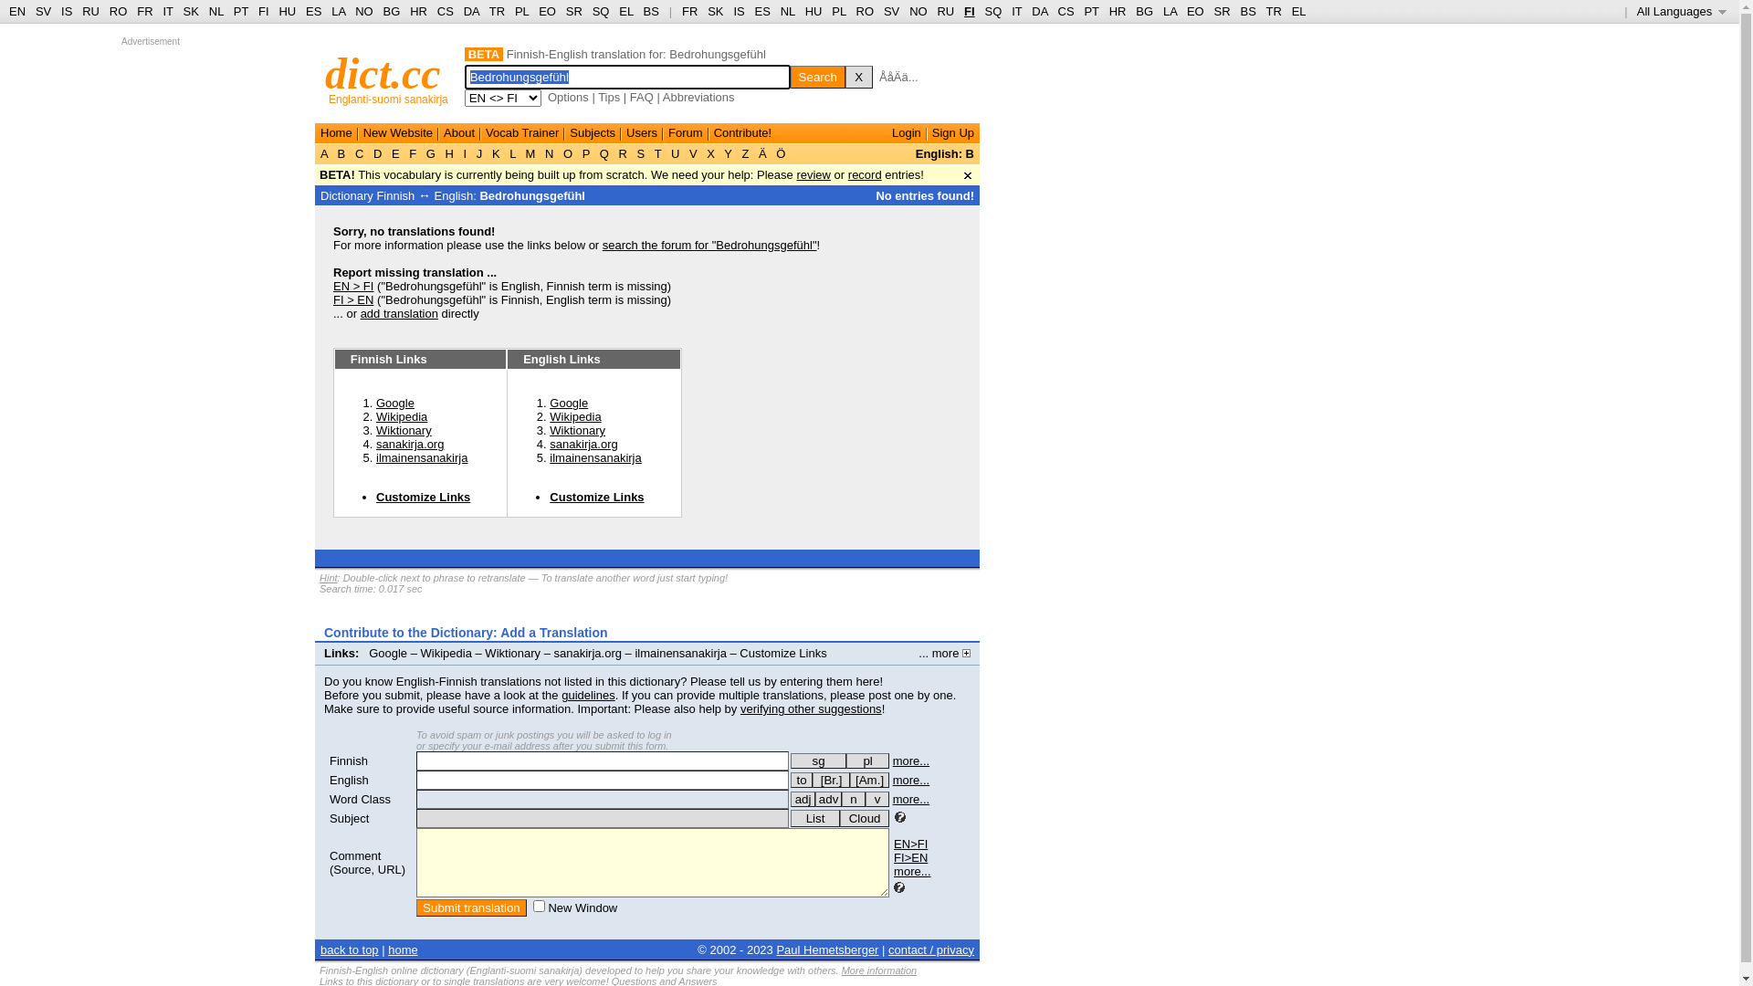  What do you see at coordinates (568, 402) in the screenshot?
I see `'Google'` at bounding box center [568, 402].